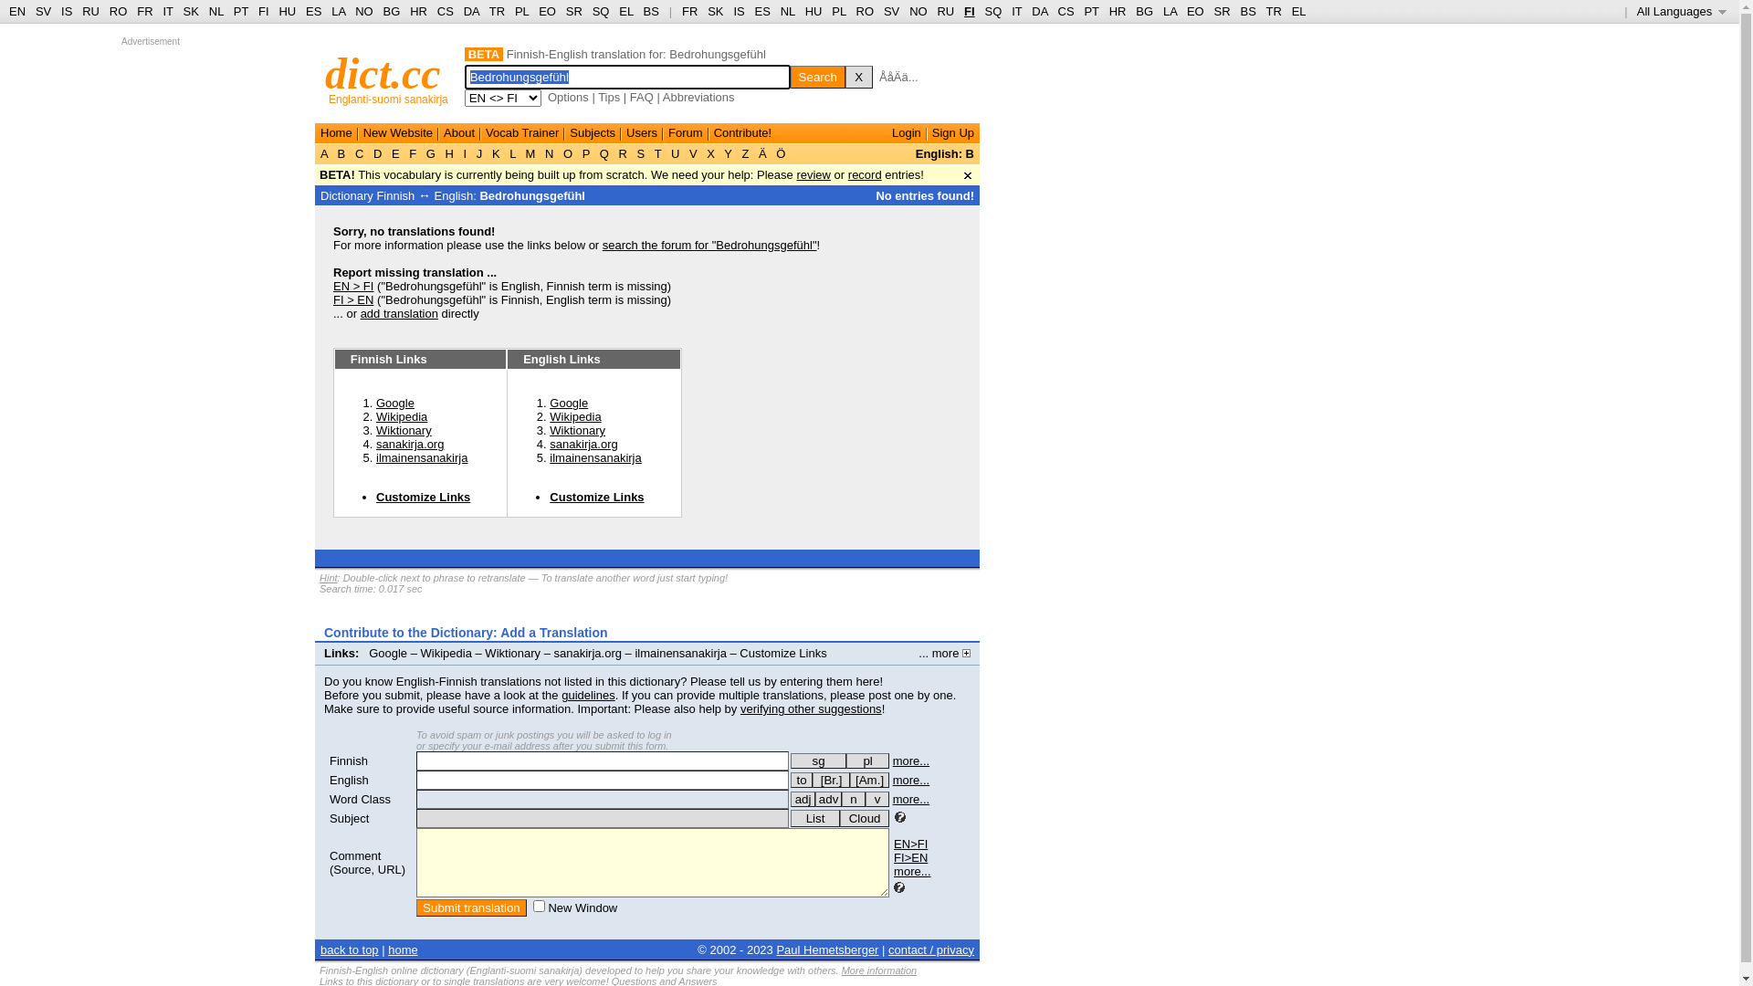  What do you see at coordinates (568, 402) in the screenshot?
I see `'Google'` at bounding box center [568, 402].